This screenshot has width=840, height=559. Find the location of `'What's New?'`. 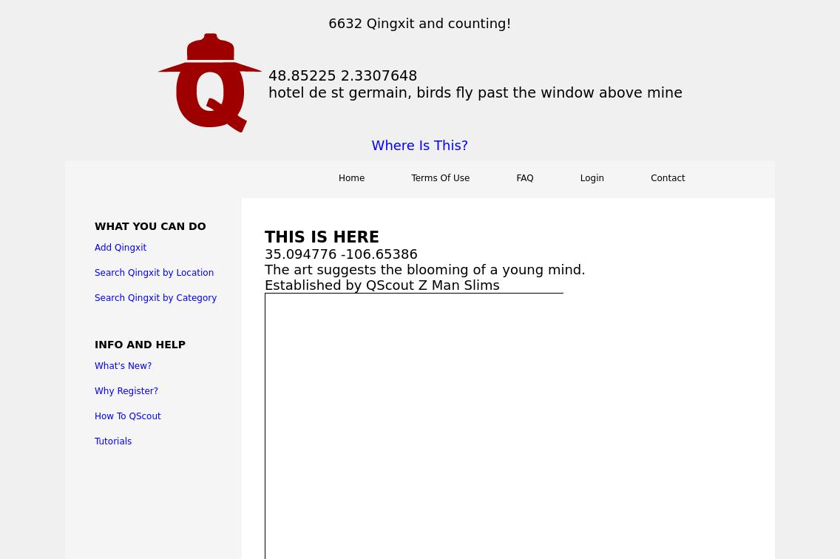

'What's New?' is located at coordinates (122, 366).